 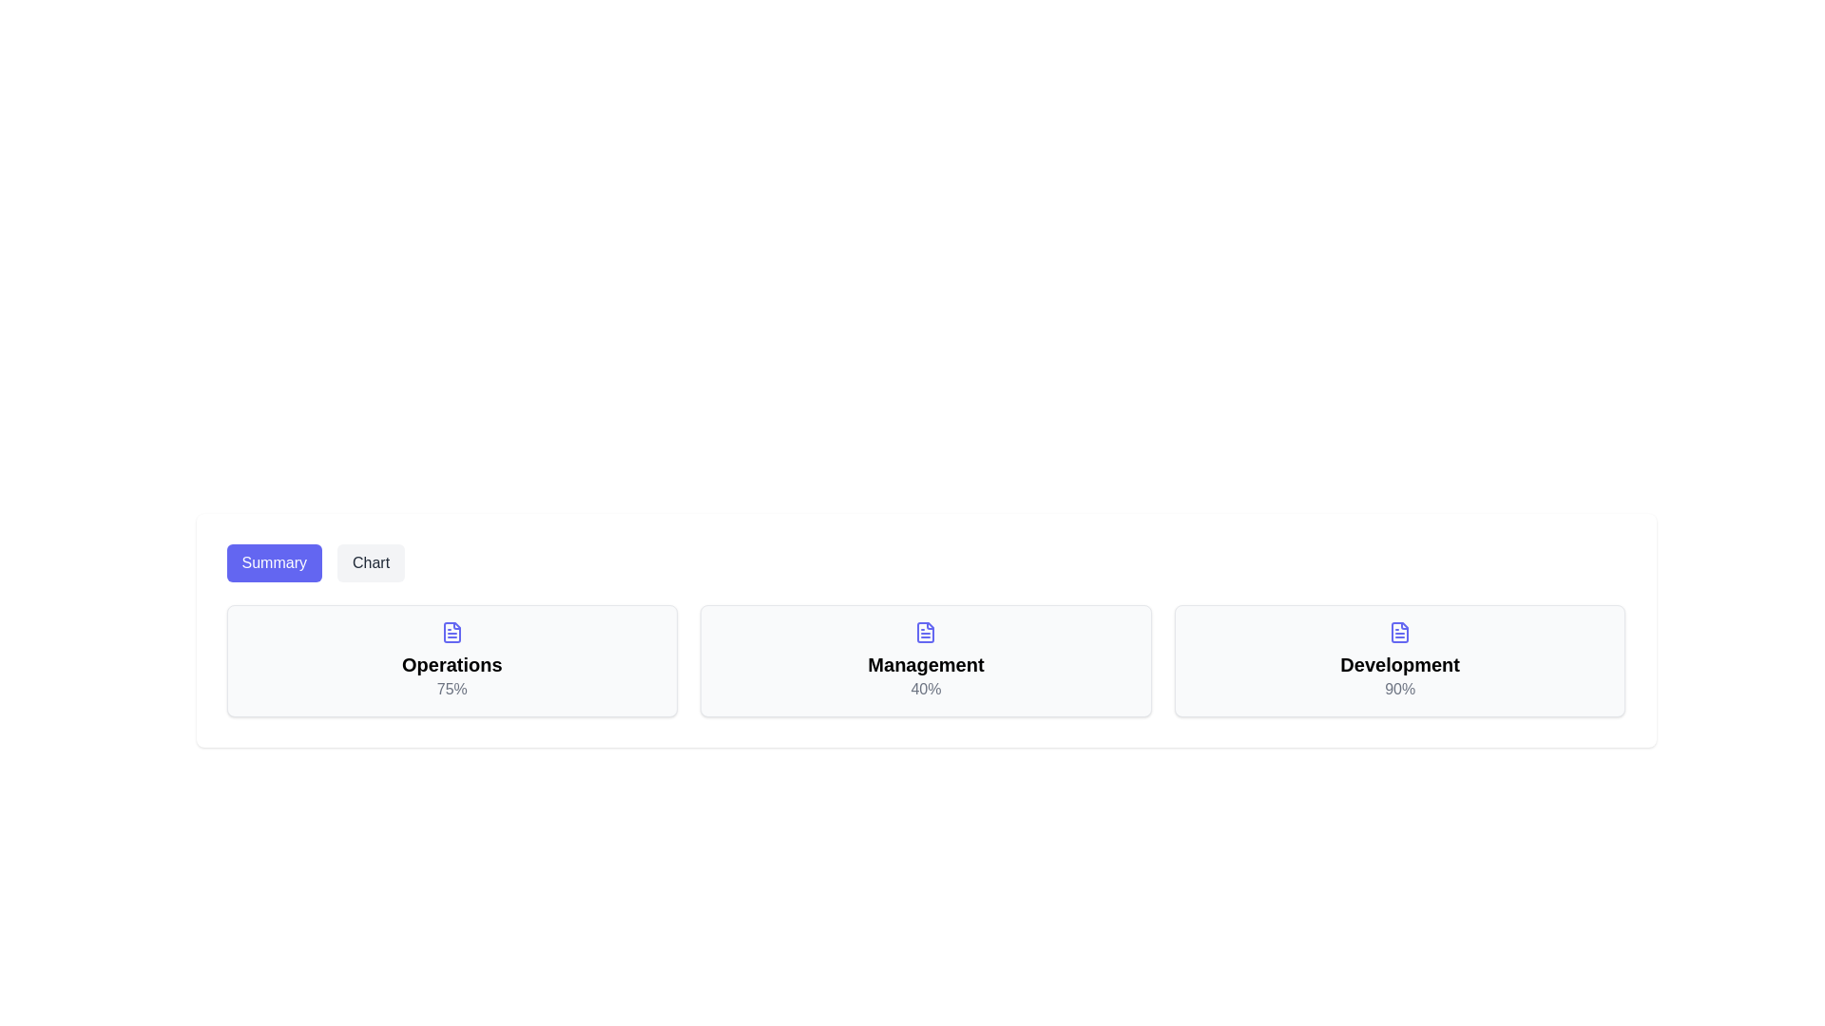 What do you see at coordinates (926, 633) in the screenshot?
I see `the document icon located within the 'Management 40%' card at the top center of the card` at bounding box center [926, 633].